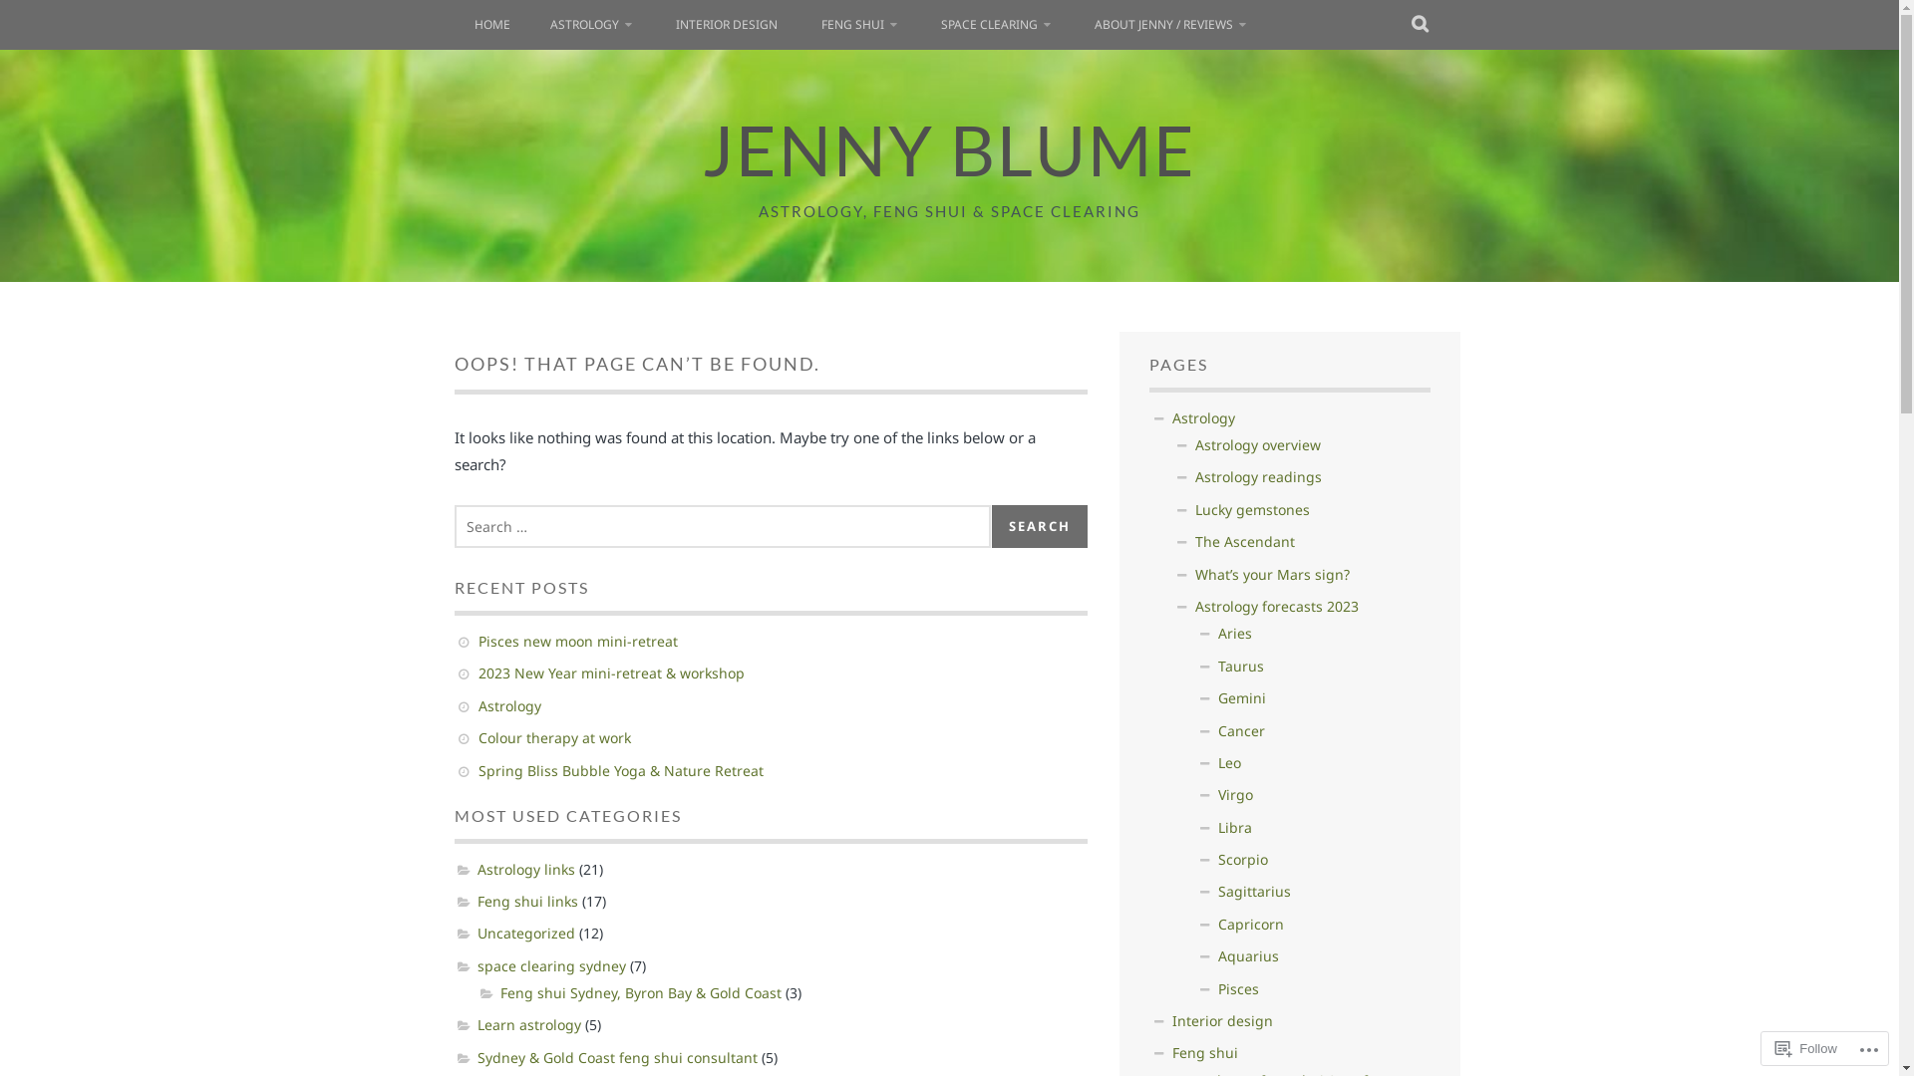 This screenshot has width=1914, height=1076. I want to click on 'Astrology links', so click(525, 868).